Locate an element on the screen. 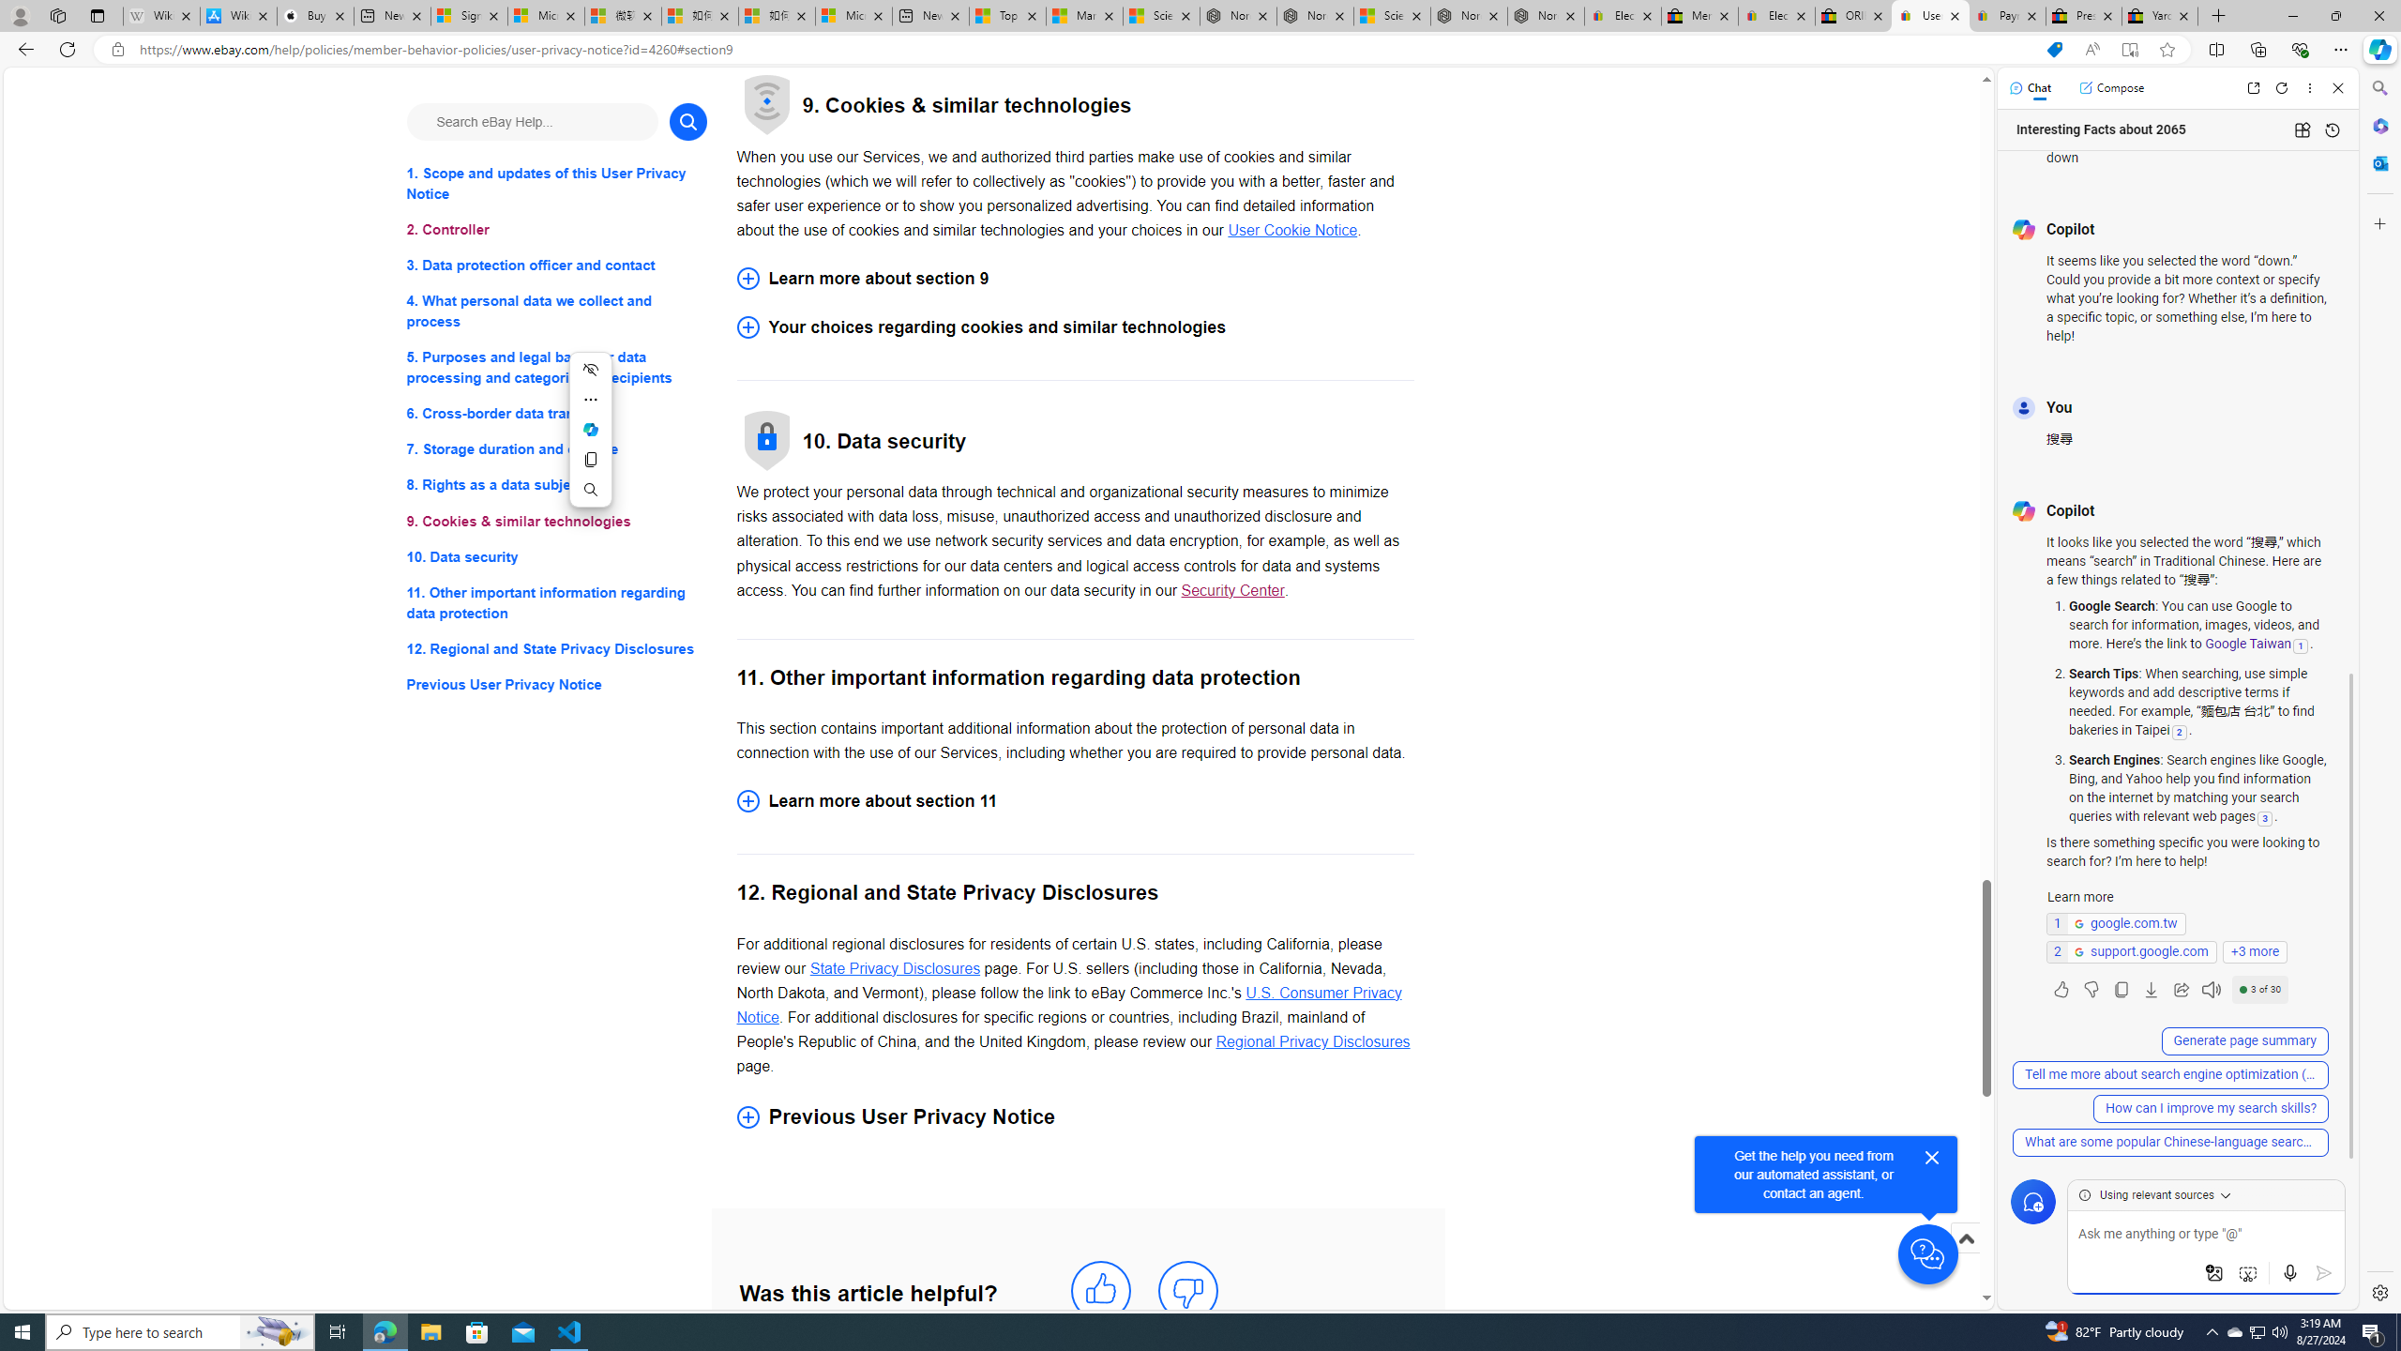 Image resolution: width=2401 pixels, height=1351 pixels. 'Microsoft account | Account Checkup' is located at coordinates (853, 15).